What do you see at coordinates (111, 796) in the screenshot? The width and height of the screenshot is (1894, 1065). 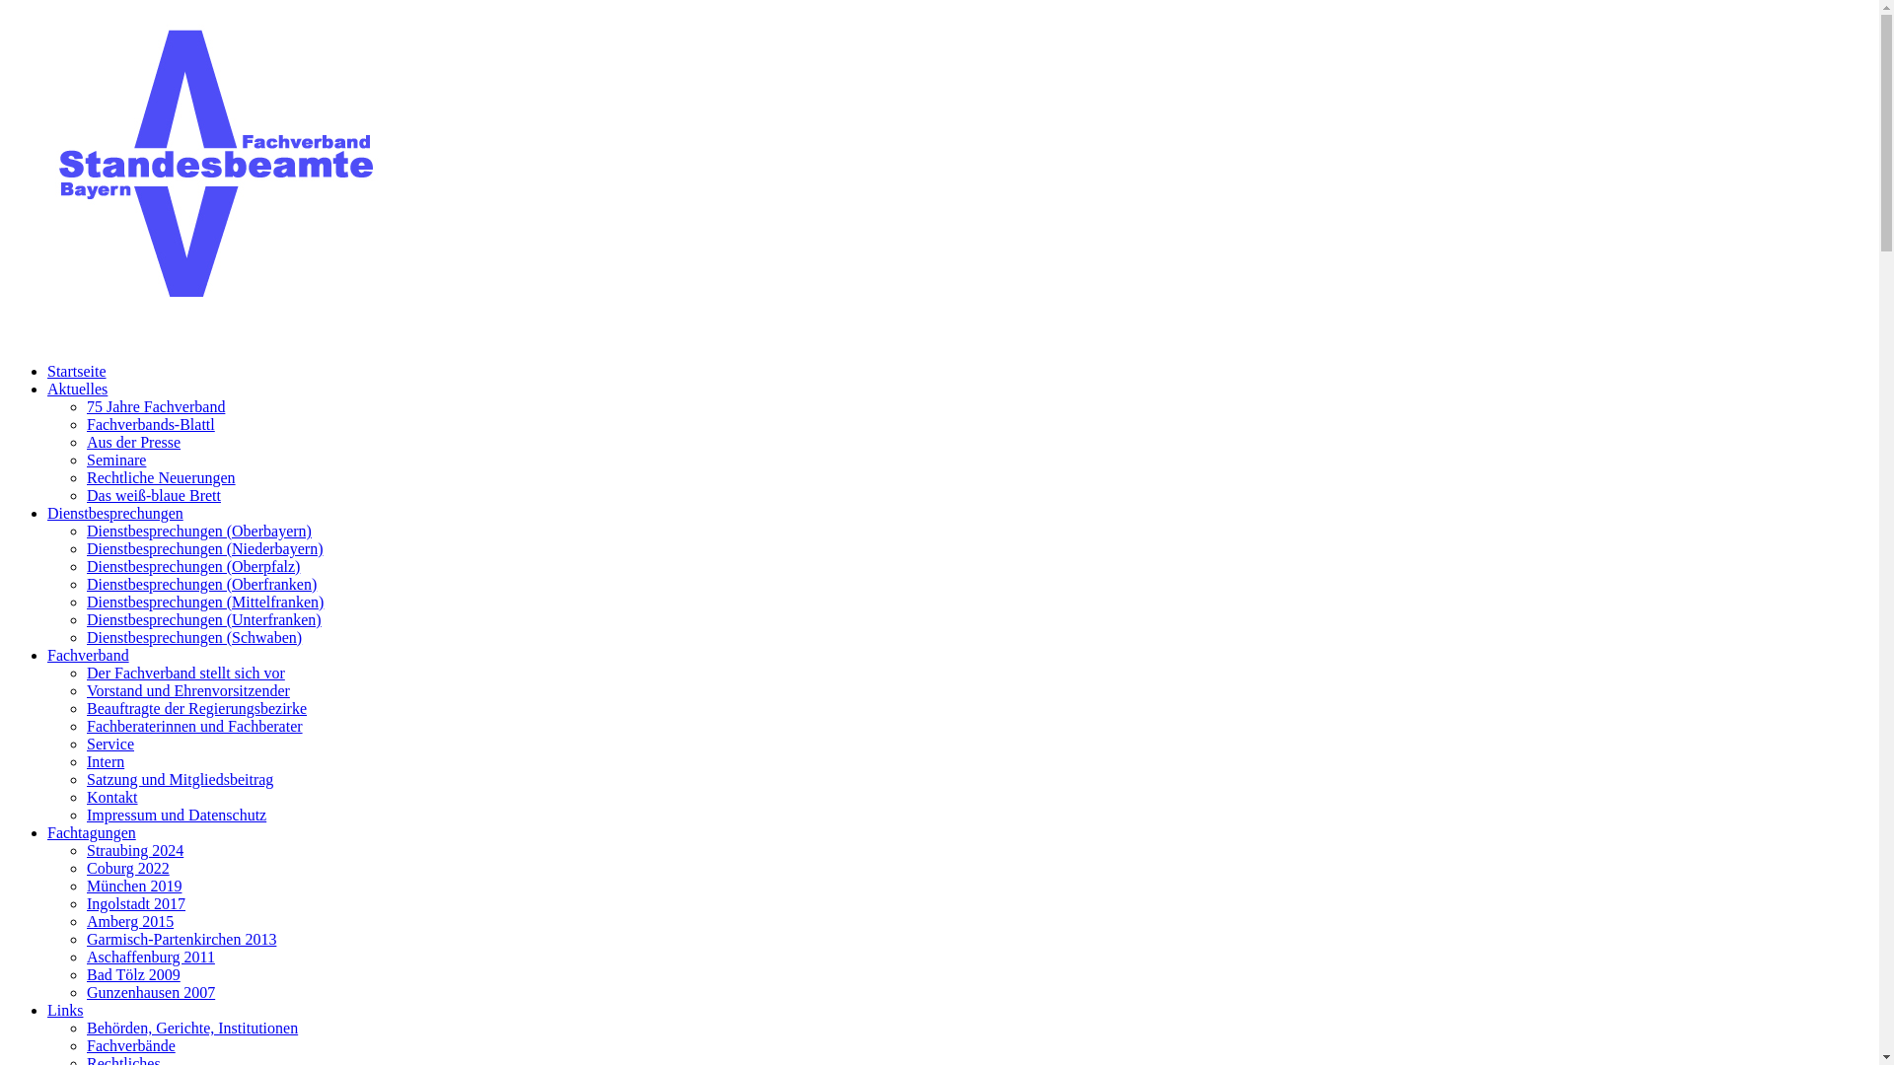 I see `'Kontakt'` at bounding box center [111, 796].